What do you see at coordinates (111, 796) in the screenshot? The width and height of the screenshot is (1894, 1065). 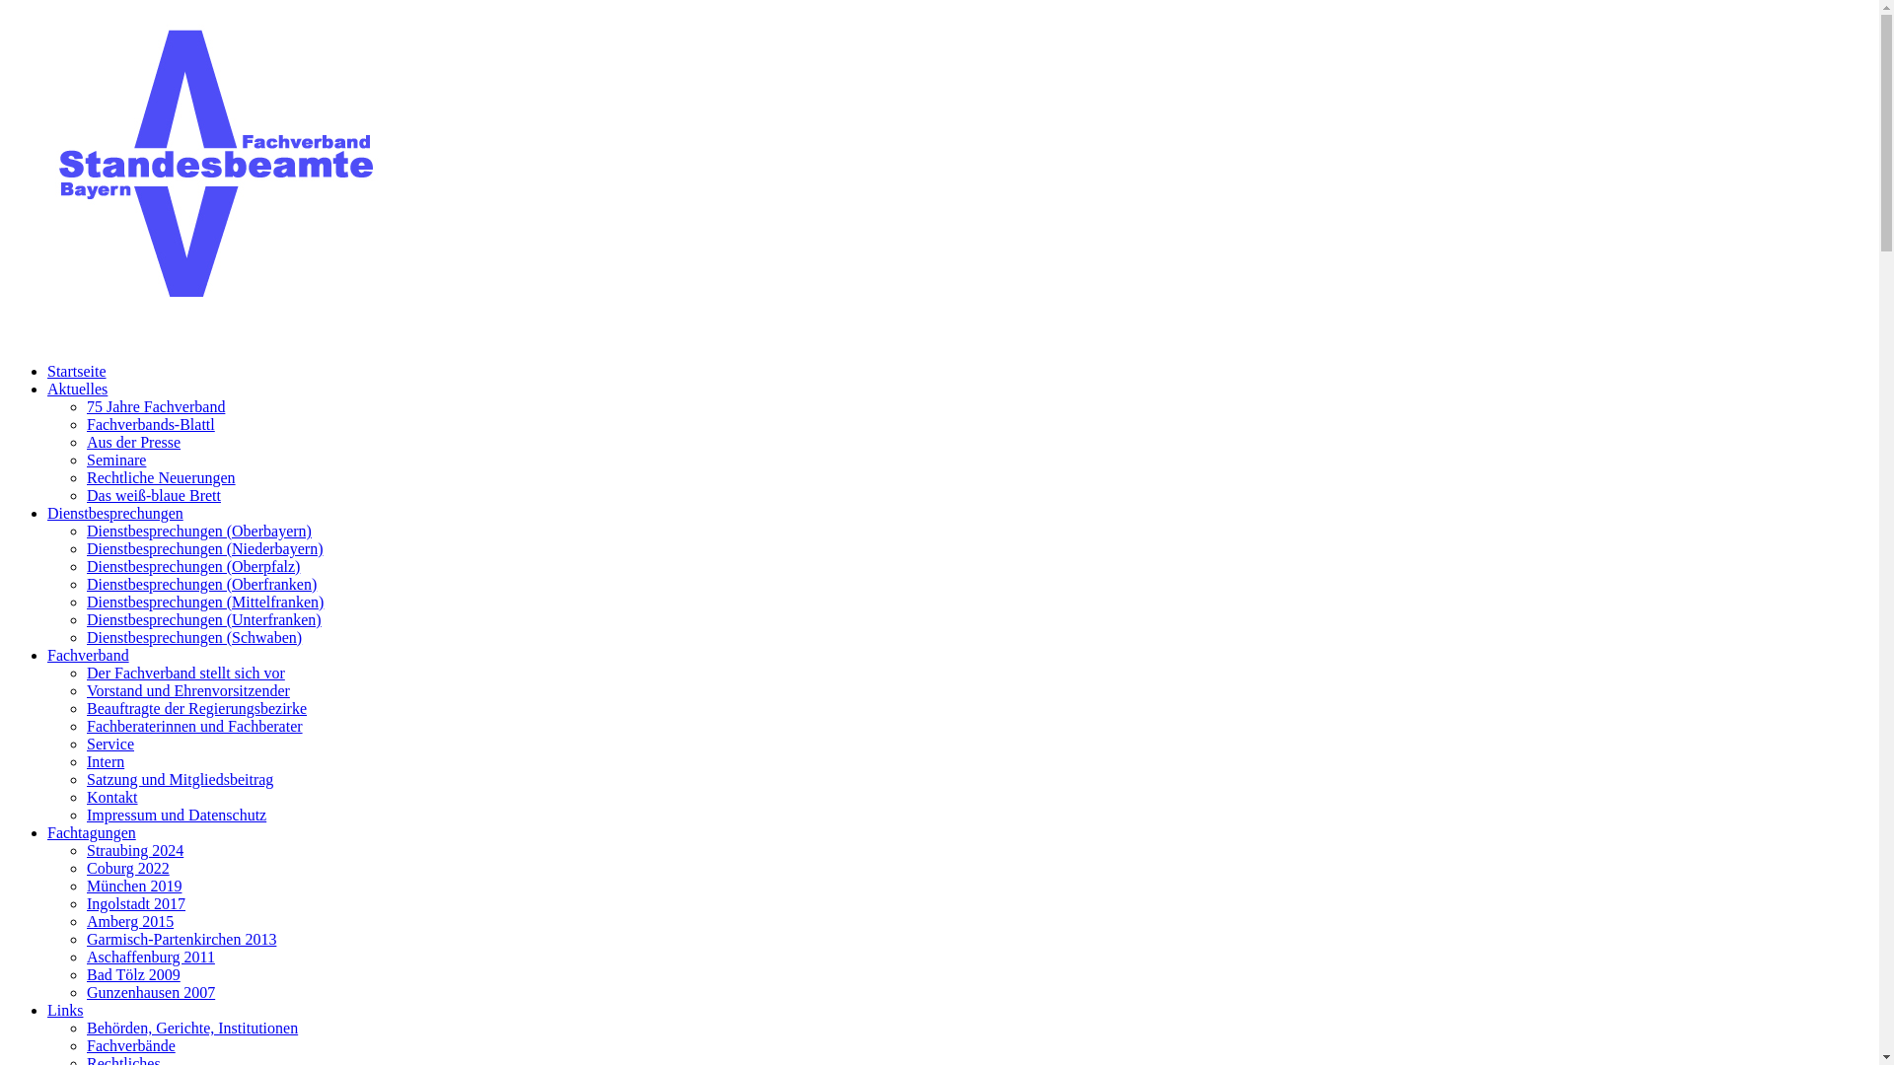 I see `'Kontakt'` at bounding box center [111, 796].